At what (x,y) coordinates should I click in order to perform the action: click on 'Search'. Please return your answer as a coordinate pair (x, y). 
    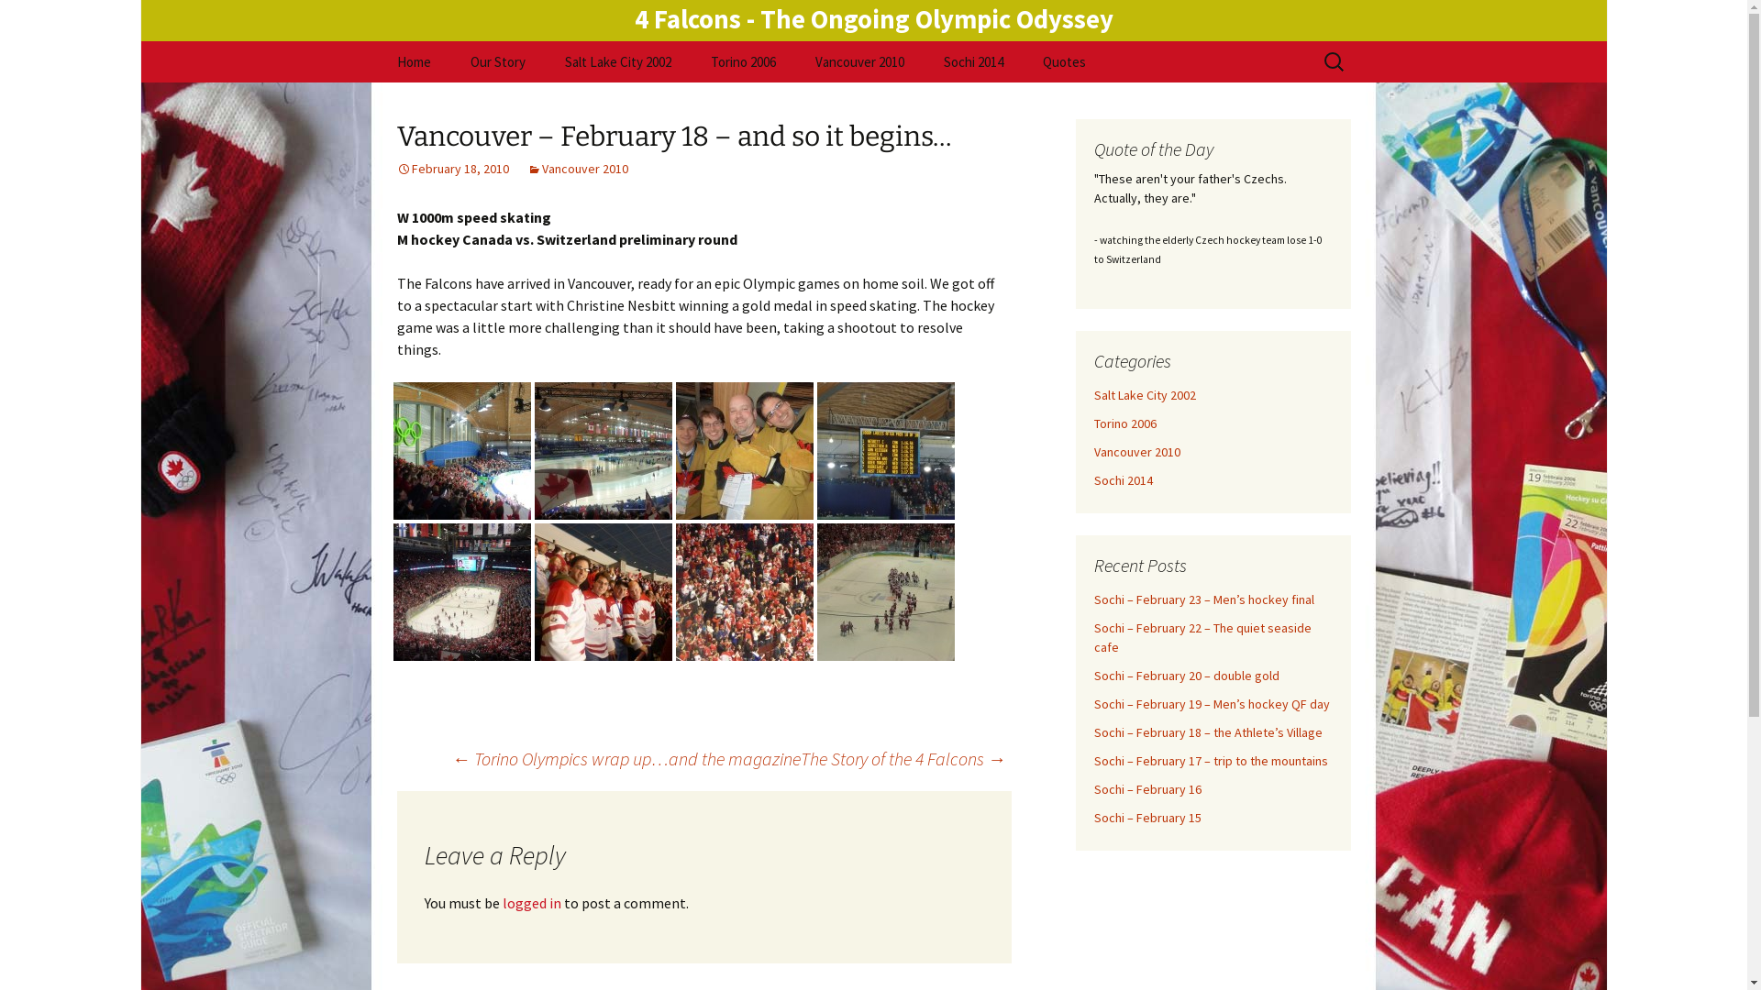
    Looking at the image, I should click on (22, 20).